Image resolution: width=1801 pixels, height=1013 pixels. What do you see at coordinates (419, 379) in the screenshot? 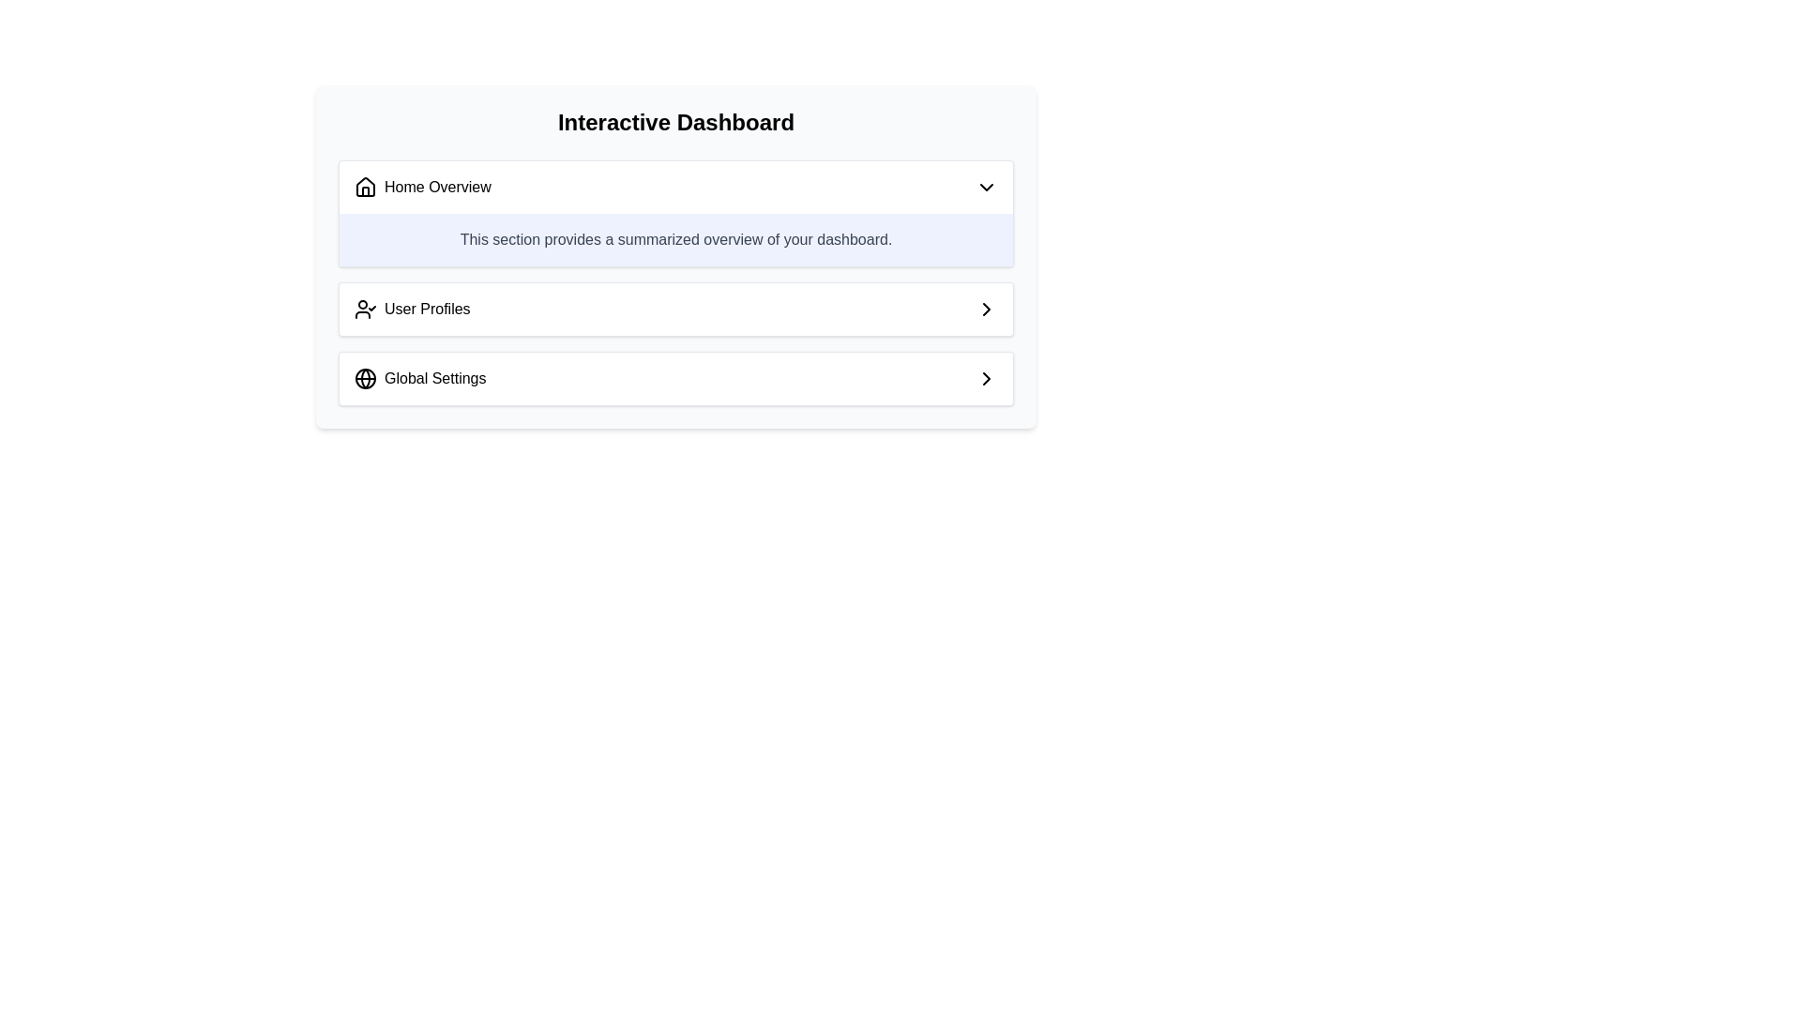
I see `text content of the 'Global Settings' label, which is the last entry in the vertical navigation list and serves as a descriptive label for accessing global settings` at bounding box center [419, 379].